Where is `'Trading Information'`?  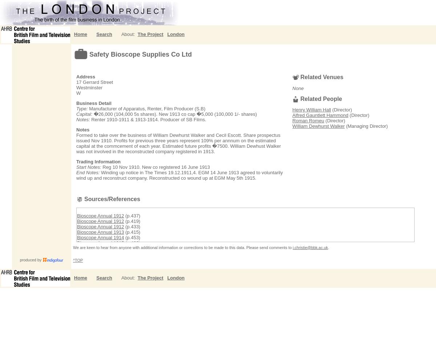
'Trading Information' is located at coordinates (98, 161).